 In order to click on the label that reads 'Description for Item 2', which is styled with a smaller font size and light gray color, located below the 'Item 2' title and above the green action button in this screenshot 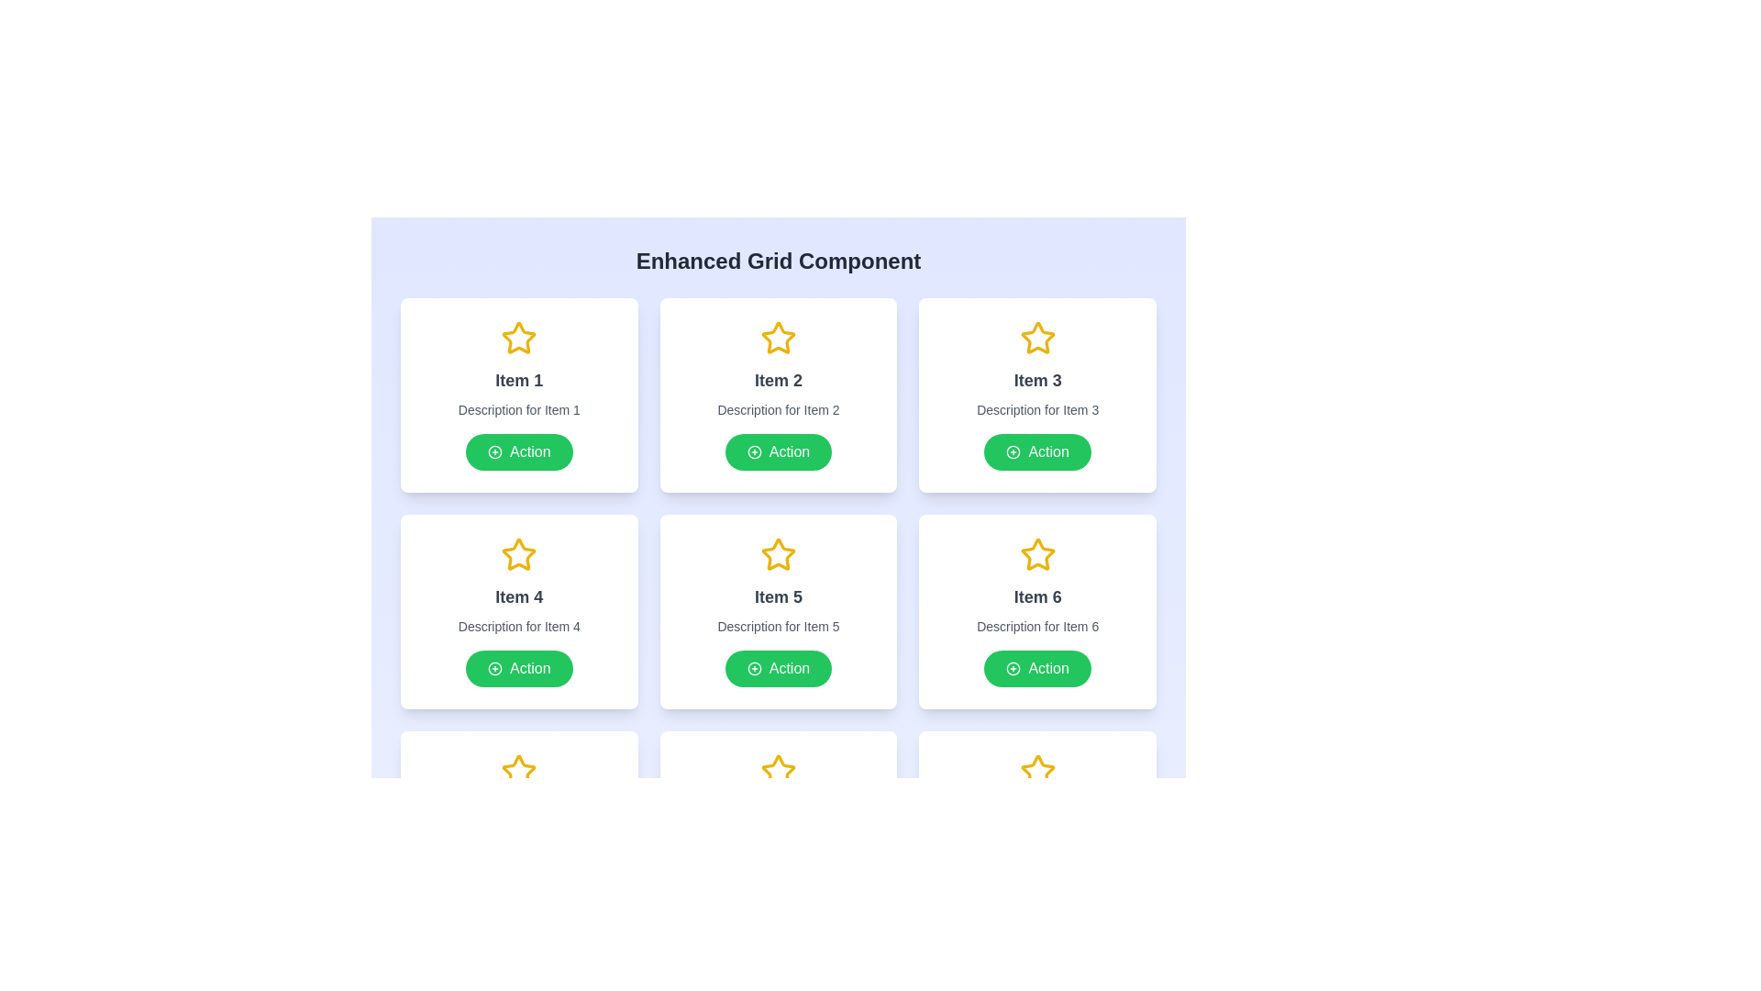, I will do `click(779, 409)`.